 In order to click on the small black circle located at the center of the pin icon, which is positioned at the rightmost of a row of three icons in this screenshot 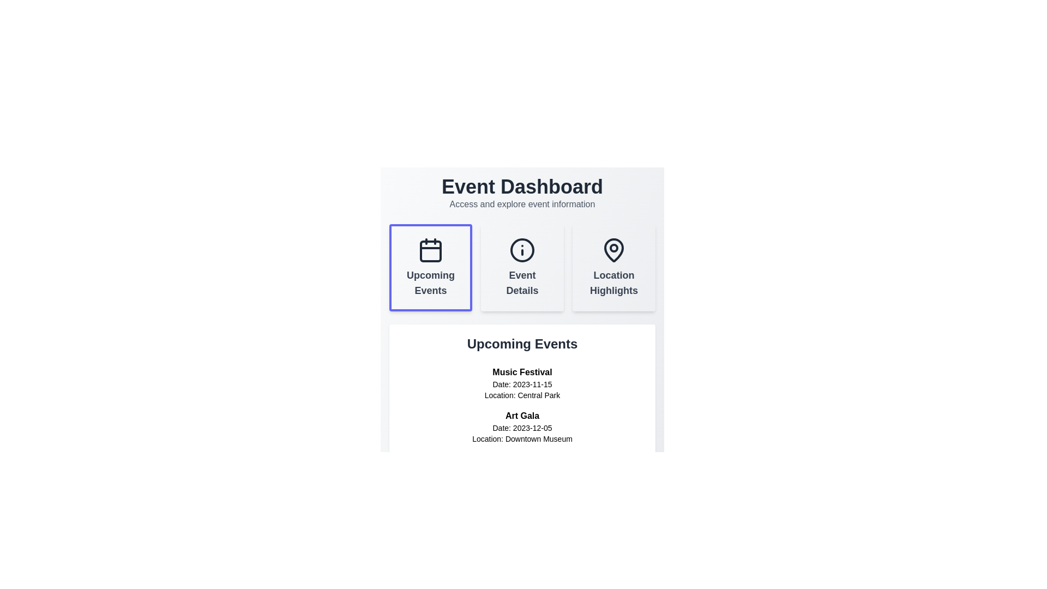, I will do `click(614, 248)`.